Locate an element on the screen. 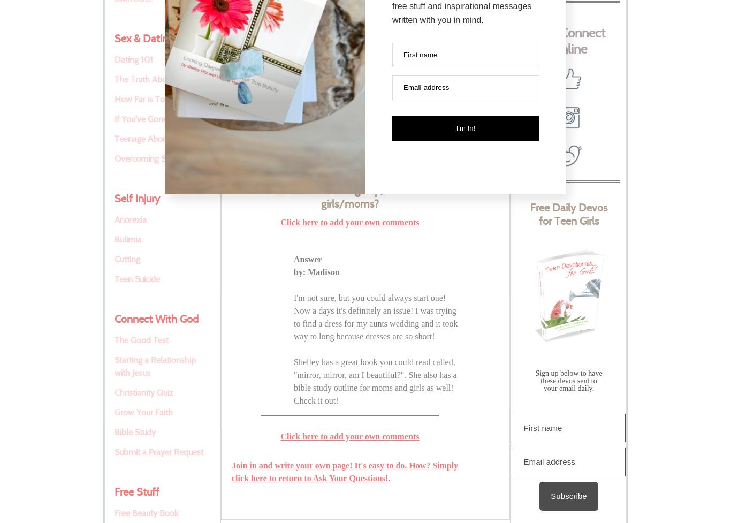  'Christianity Quiz' is located at coordinates (143, 392).